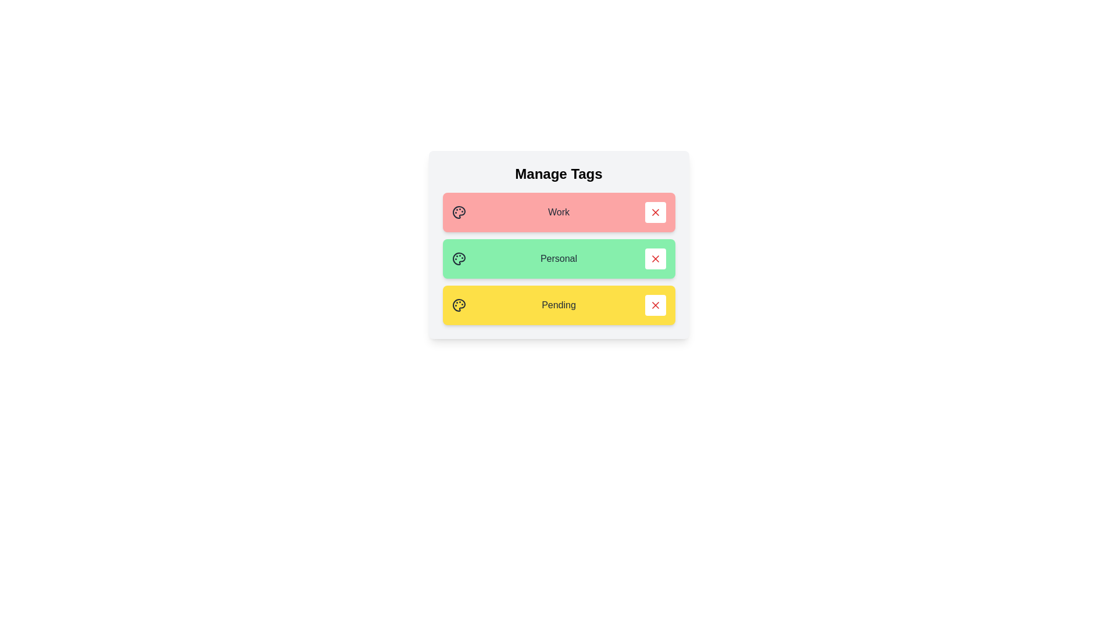  Describe the element at coordinates (655, 304) in the screenshot. I see `'X' button to remove the tag labeled Pending` at that location.